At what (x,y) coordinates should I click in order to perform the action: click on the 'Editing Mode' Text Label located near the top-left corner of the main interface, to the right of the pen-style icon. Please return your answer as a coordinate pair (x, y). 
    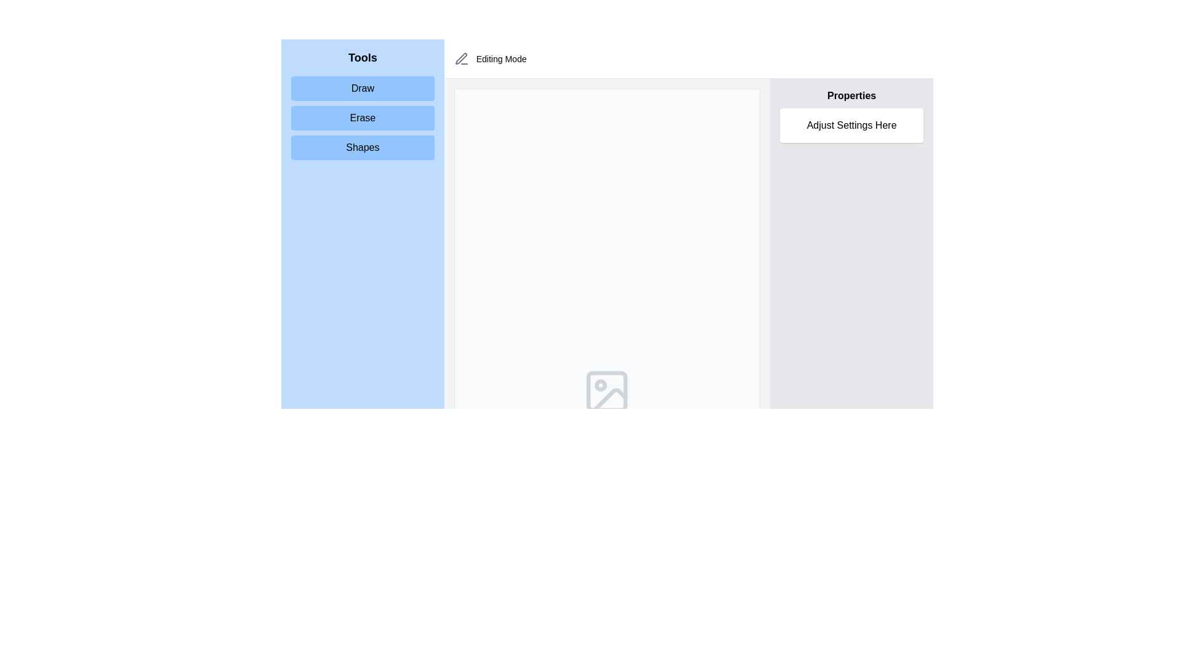
    Looking at the image, I should click on (501, 58).